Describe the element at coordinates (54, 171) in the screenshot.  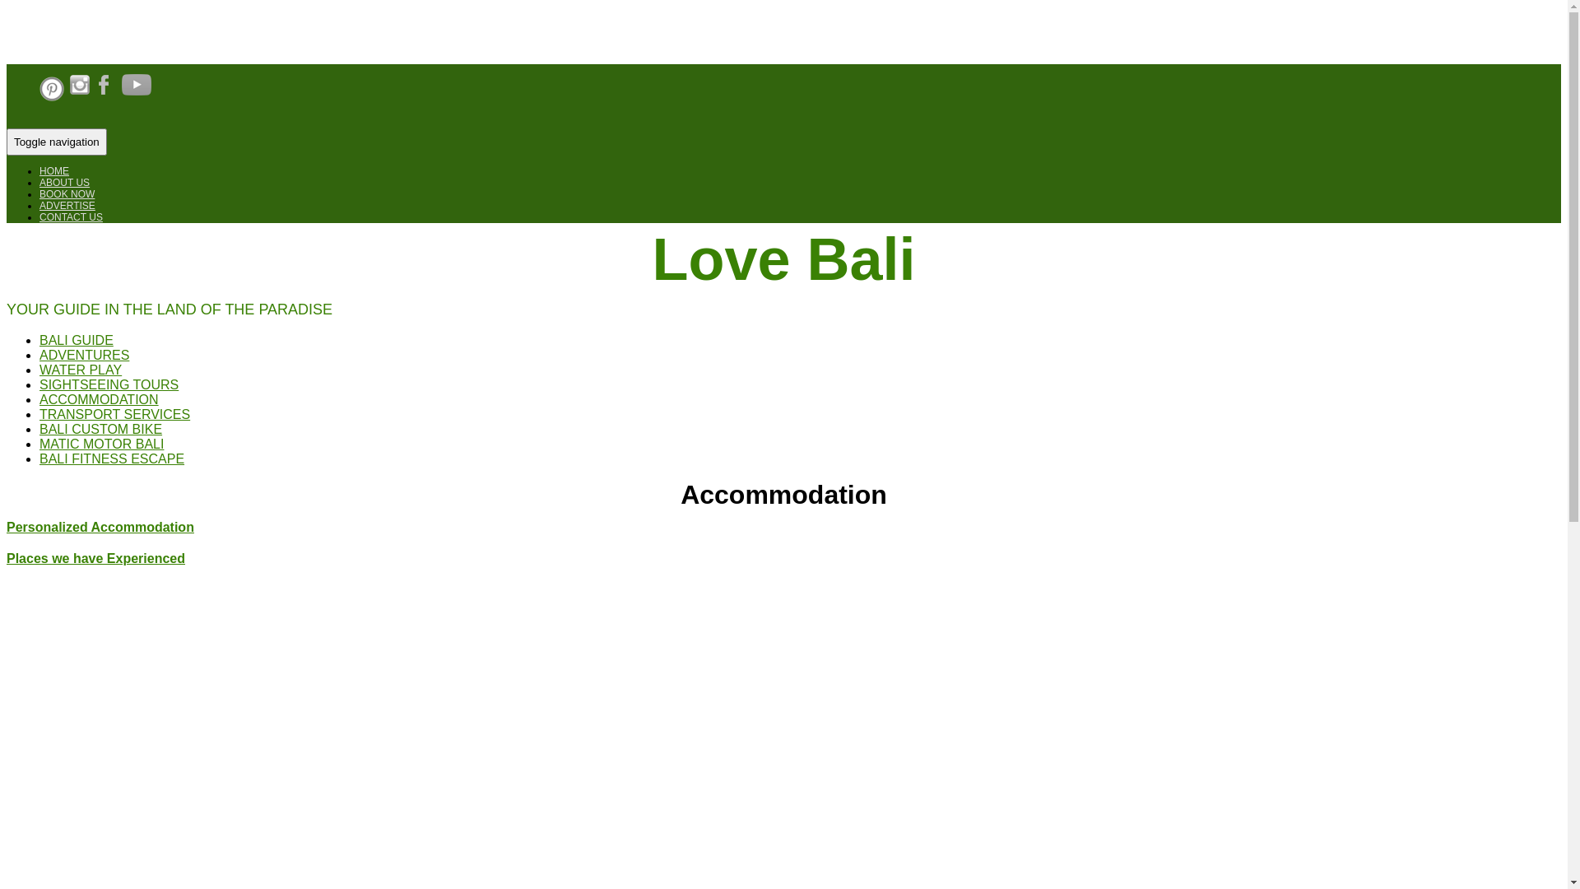
I see `'HOME'` at that location.